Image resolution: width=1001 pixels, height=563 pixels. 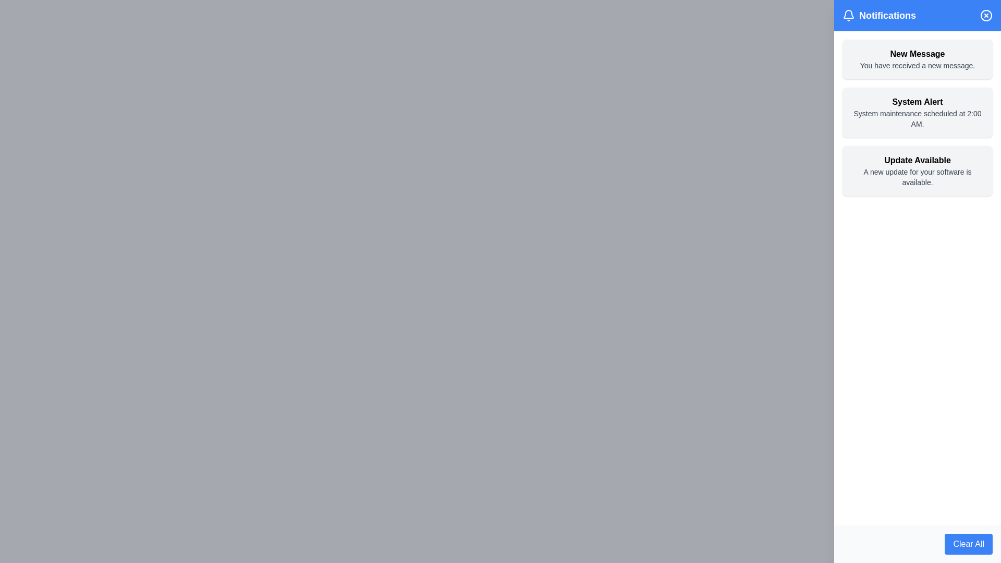 I want to click on the text element that provides additional details about the 'New Message' notification, located below the title in the notification block, so click(x=918, y=66).